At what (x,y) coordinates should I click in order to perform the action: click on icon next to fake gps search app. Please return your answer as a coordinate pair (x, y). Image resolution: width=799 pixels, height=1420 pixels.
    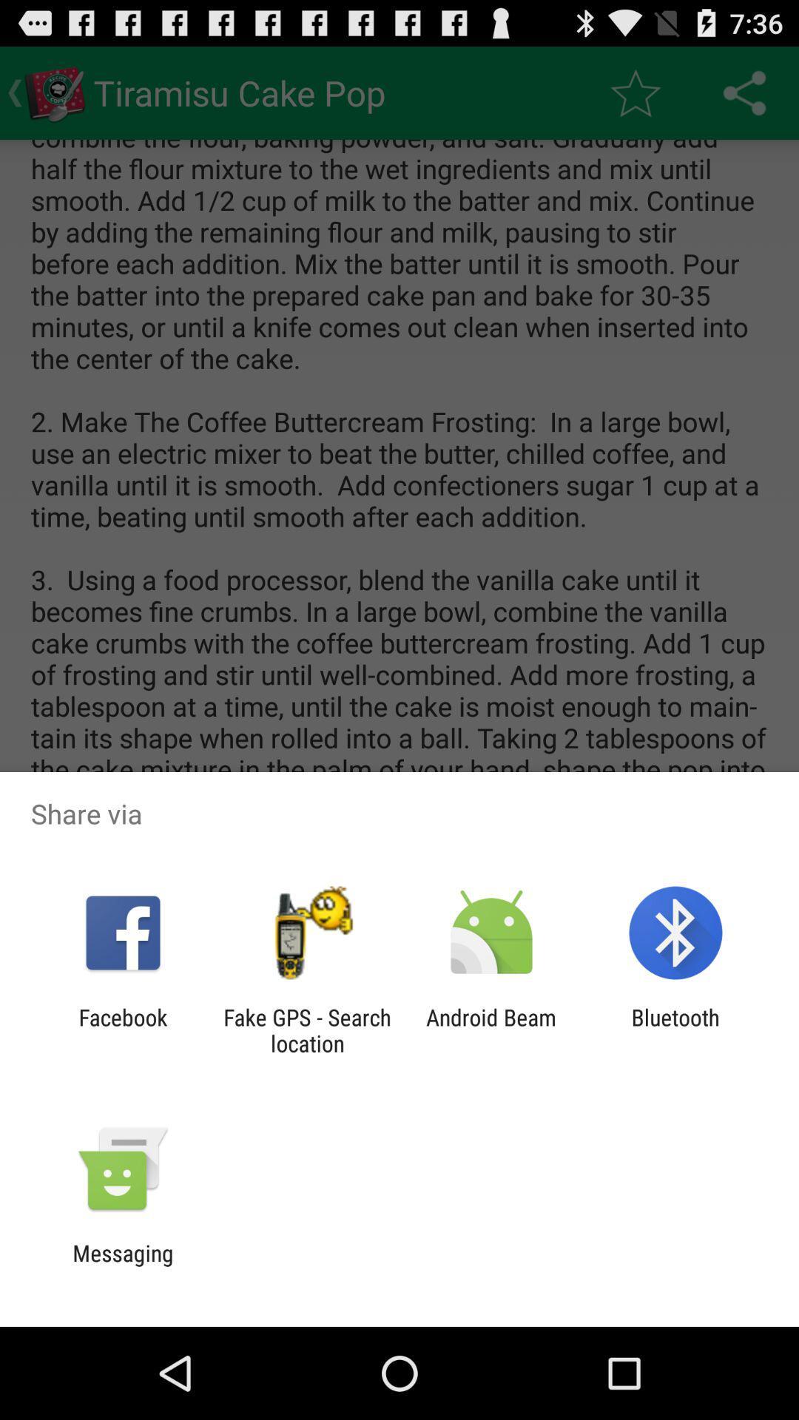
    Looking at the image, I should click on (491, 1029).